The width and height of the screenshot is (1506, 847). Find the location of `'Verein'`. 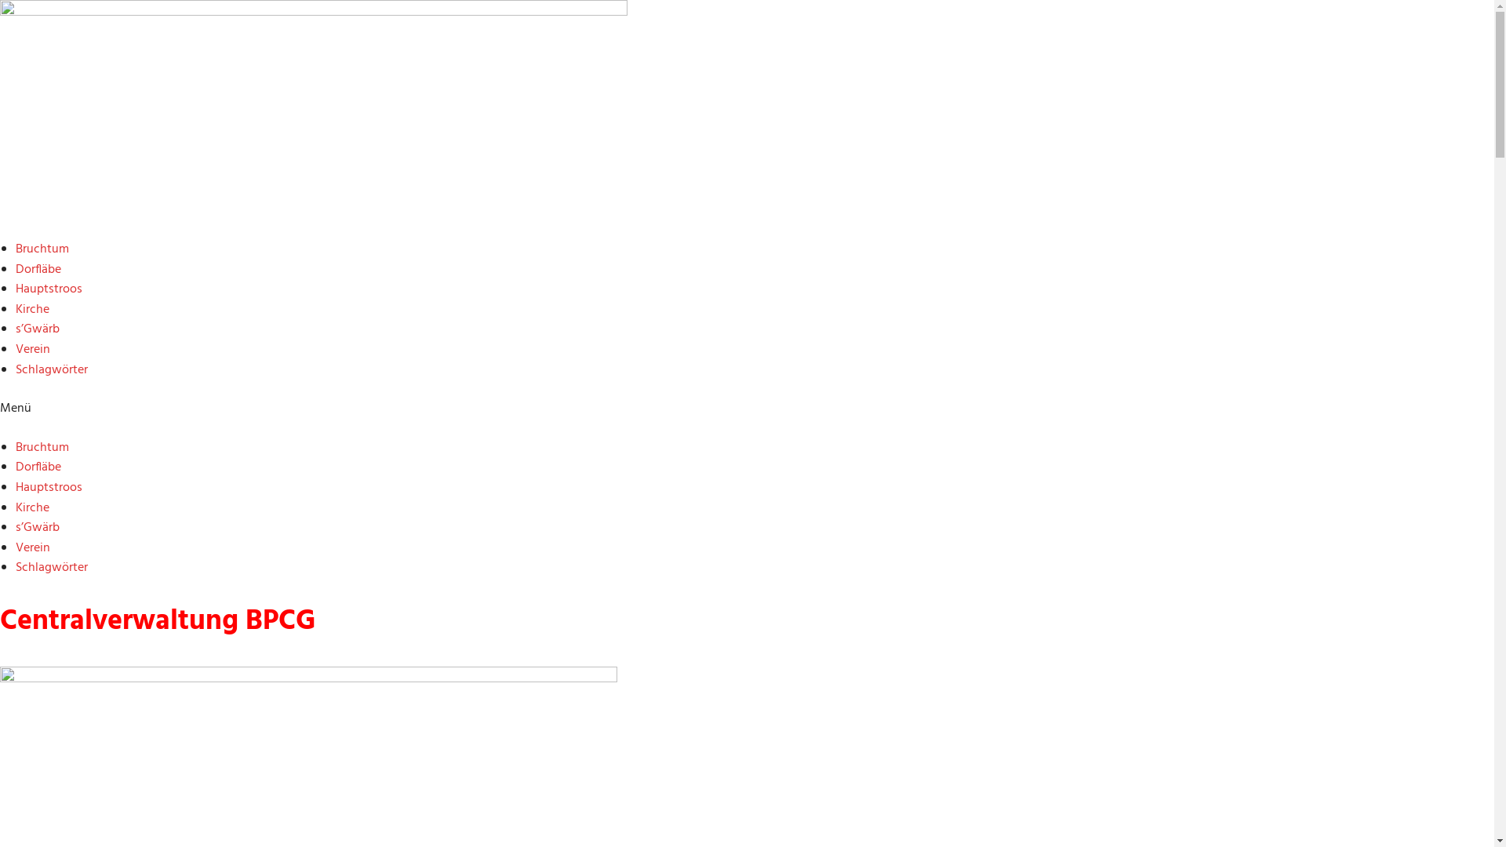

'Verein' is located at coordinates (33, 349).